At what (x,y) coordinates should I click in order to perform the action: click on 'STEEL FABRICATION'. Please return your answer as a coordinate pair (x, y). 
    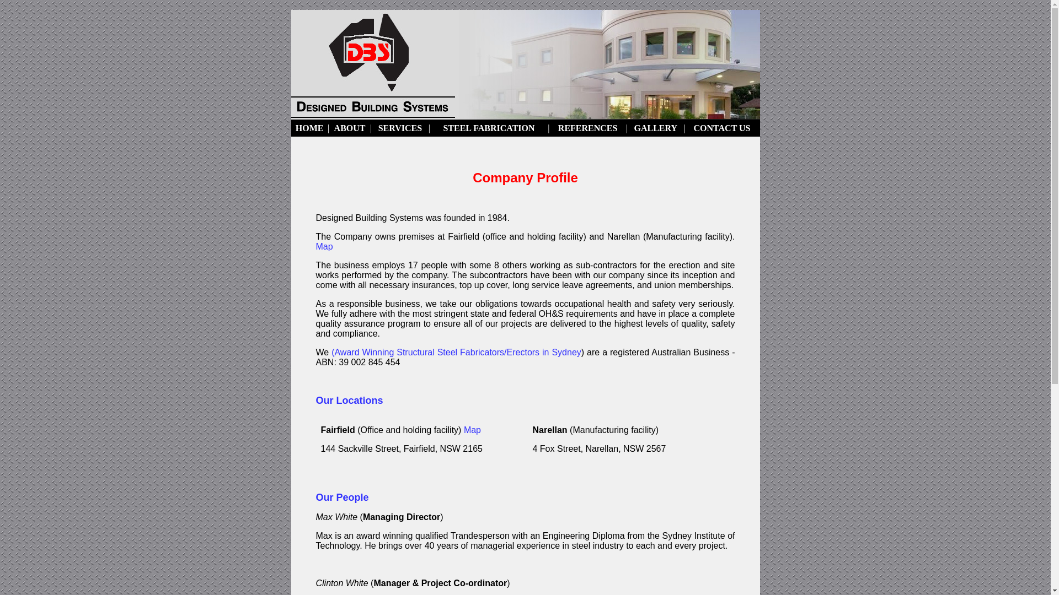
    Looking at the image, I should click on (442, 127).